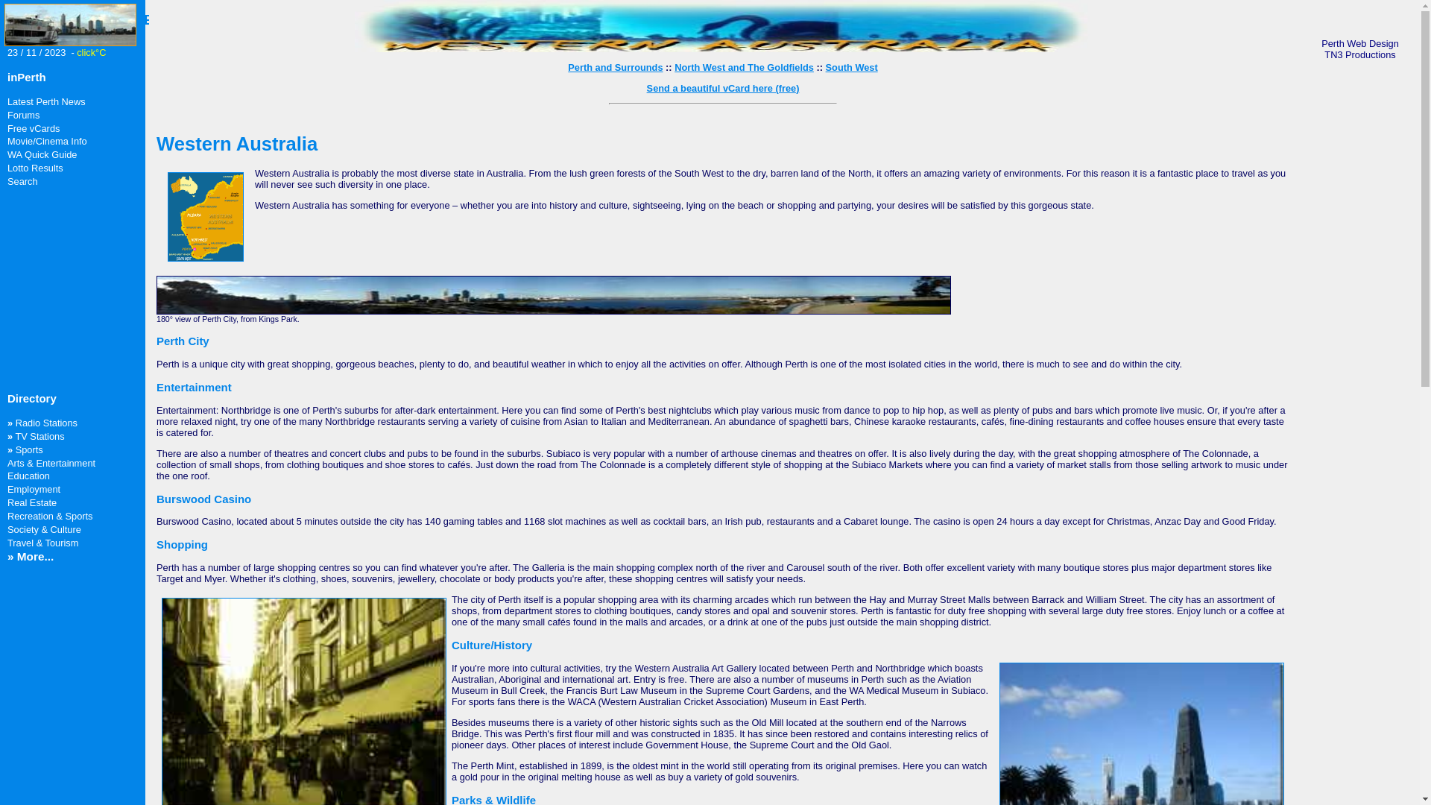  Describe the element at coordinates (28, 476) in the screenshot. I see `'Education'` at that location.